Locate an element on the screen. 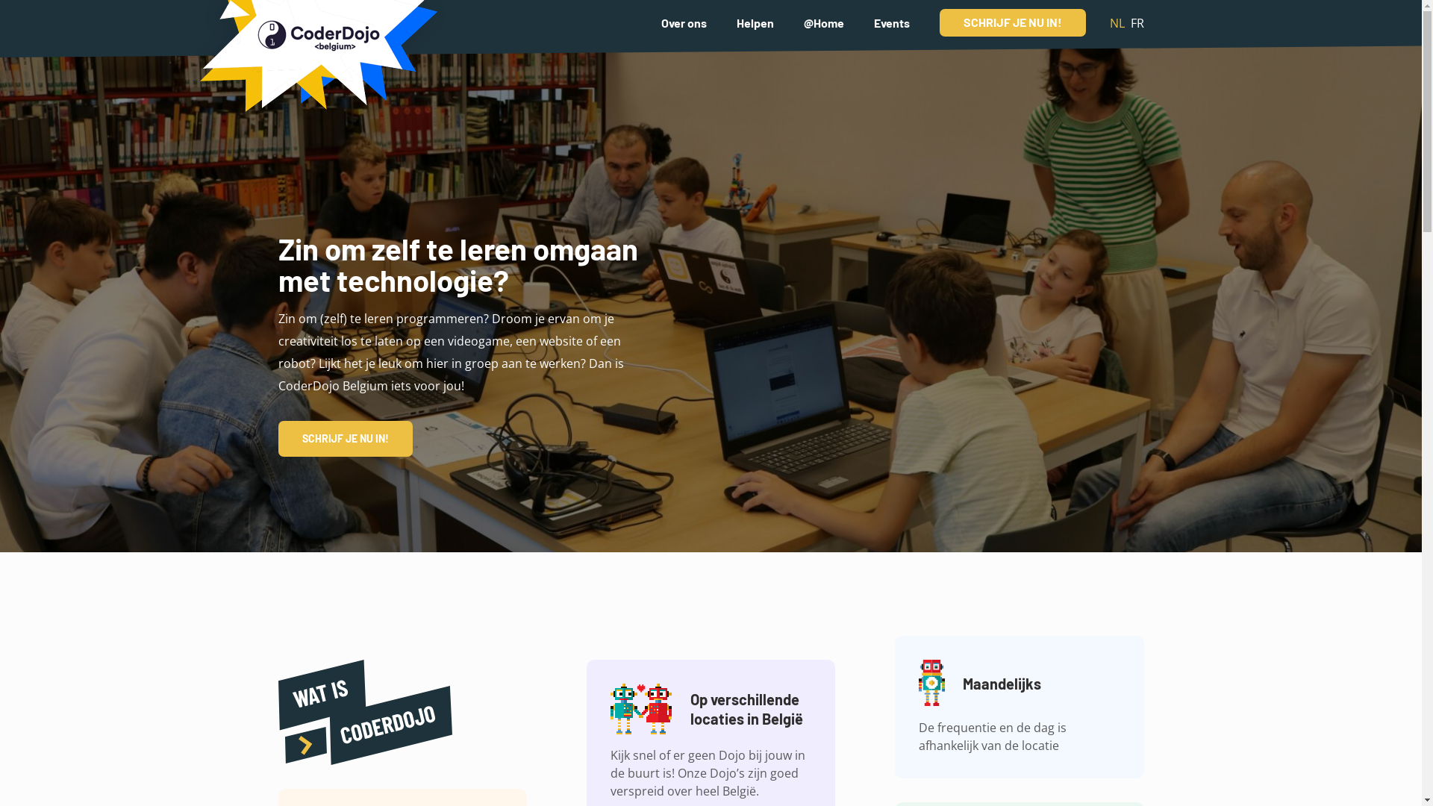 The height and width of the screenshot is (806, 1433). 'Events' is located at coordinates (873, 22).